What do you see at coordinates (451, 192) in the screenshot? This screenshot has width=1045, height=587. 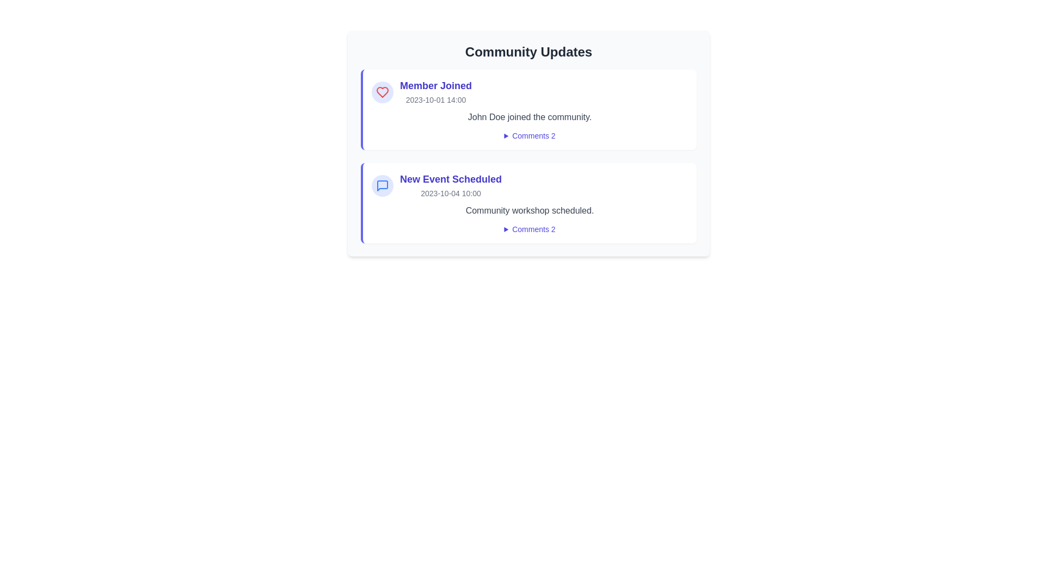 I see `the Label displaying the timestamp '2023-10-04 10:00', which is styled in gray and located below the title 'New Event Scheduled' in the second card under 'Community Updates'` at bounding box center [451, 192].